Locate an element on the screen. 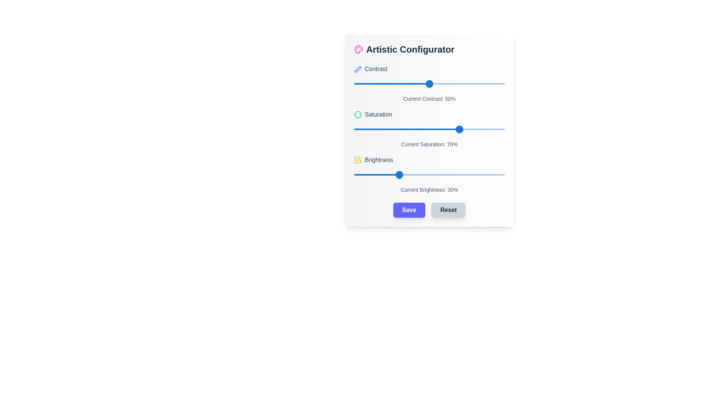  informational static text label indicating the current saturation percentage (70%) located below the saturation slider and above the brightness configuration section is located at coordinates (429, 144).